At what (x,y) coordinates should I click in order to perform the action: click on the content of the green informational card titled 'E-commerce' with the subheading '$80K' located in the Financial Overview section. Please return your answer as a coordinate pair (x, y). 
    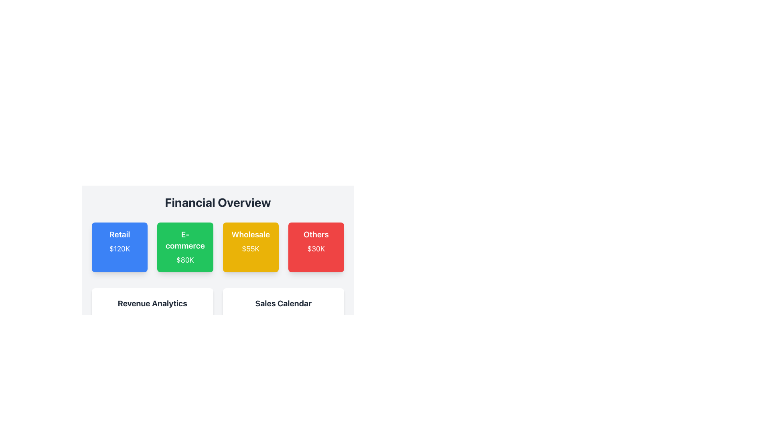
    Looking at the image, I should click on (184, 247).